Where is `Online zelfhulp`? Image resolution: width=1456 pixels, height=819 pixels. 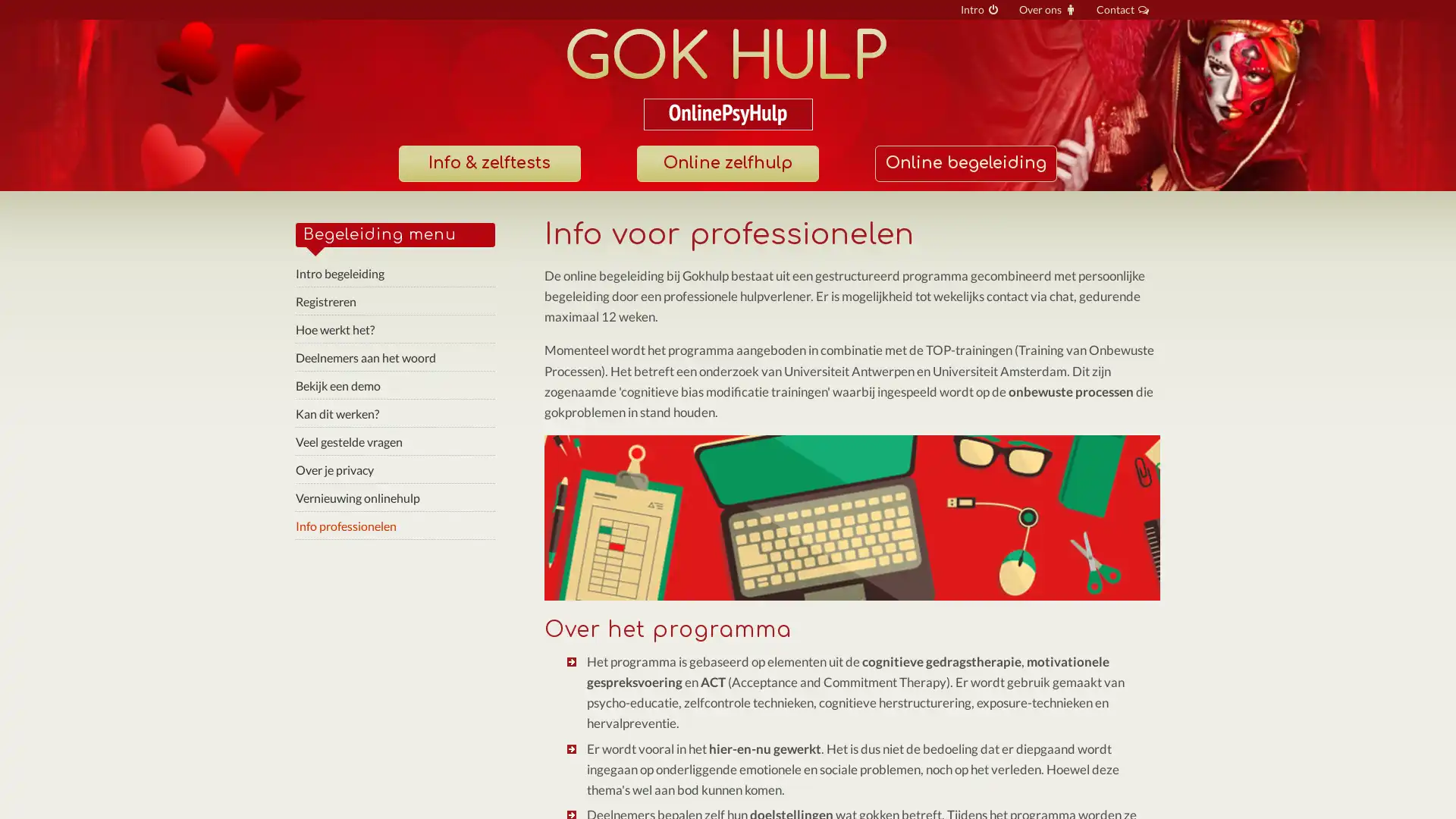 Online zelfhulp is located at coordinates (726, 163).